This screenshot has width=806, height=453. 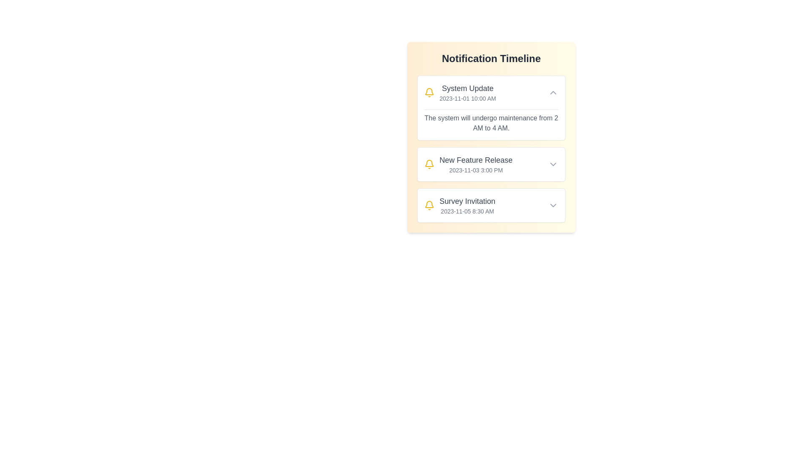 I want to click on the Text label that provides the timestamp for the 'New Feature Release' notification, located inside the notification box below the title, so click(x=476, y=170).